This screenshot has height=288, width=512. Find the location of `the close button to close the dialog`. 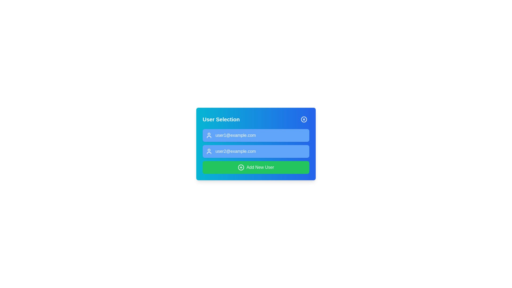

the close button to close the dialog is located at coordinates (304, 119).